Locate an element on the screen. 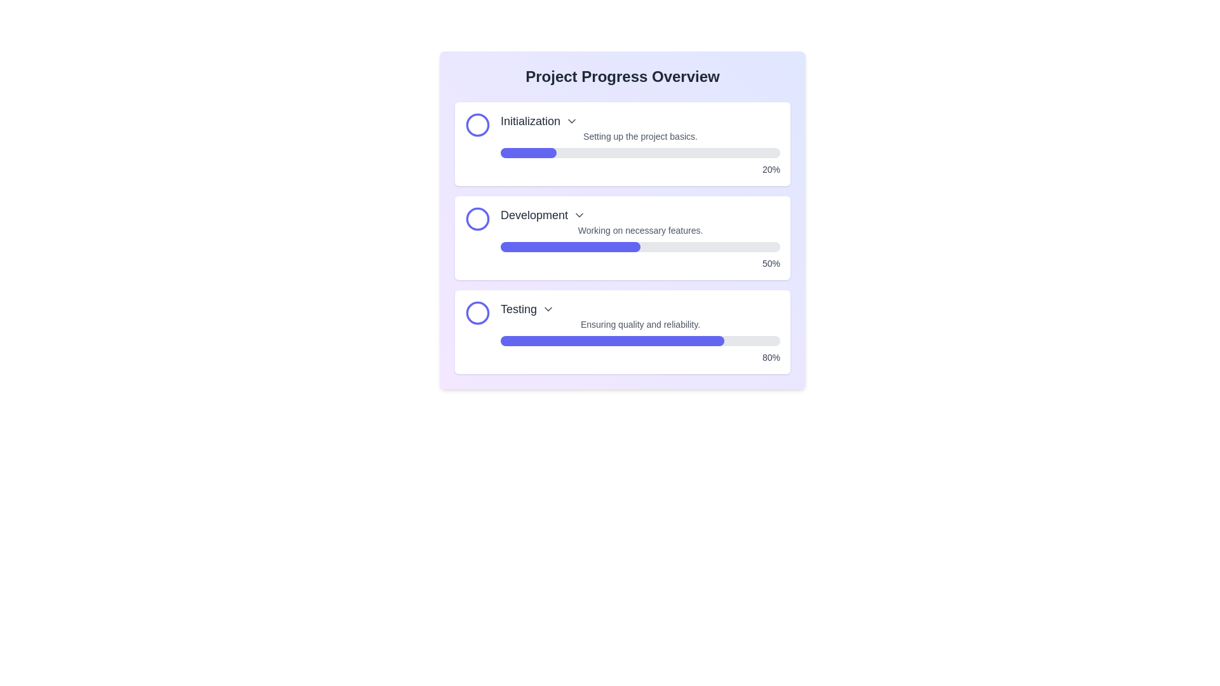 The height and width of the screenshot is (686, 1220). the blue progress bar segment indicating 50% completion of the task within the horizontal progress bar labeled 'Development' is located at coordinates (569, 247).